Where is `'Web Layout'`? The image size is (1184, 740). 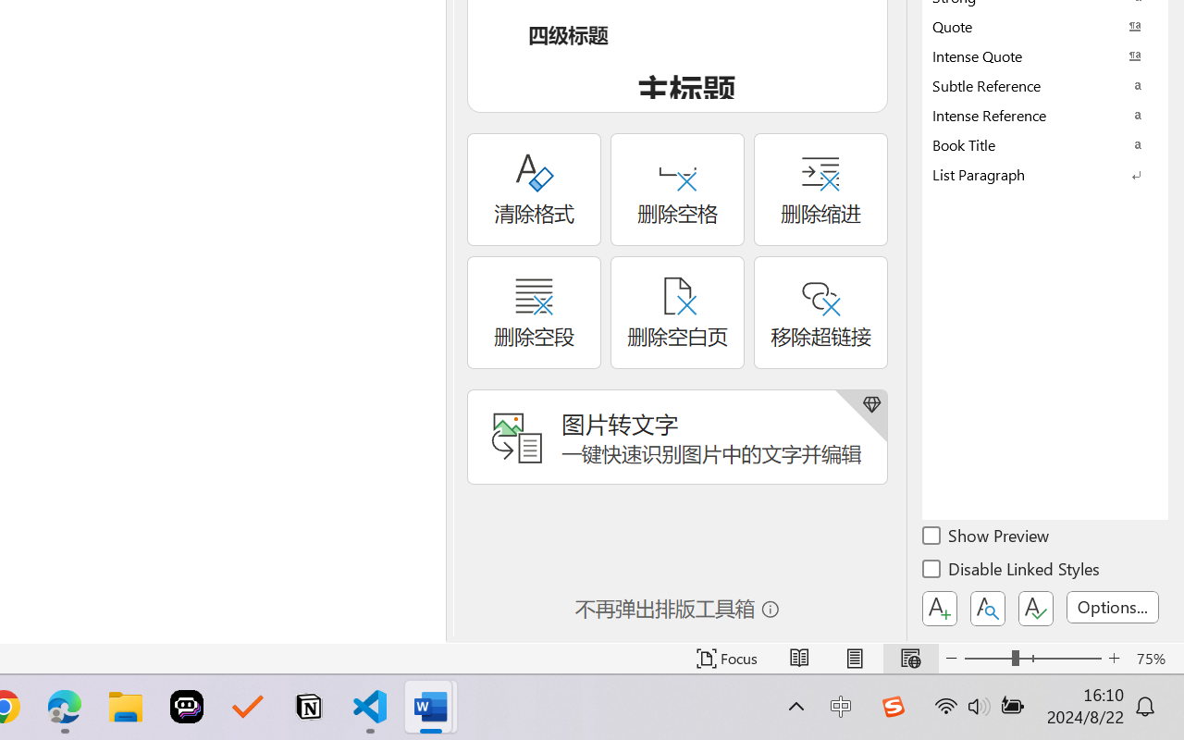
'Web Layout' is located at coordinates (910, 658).